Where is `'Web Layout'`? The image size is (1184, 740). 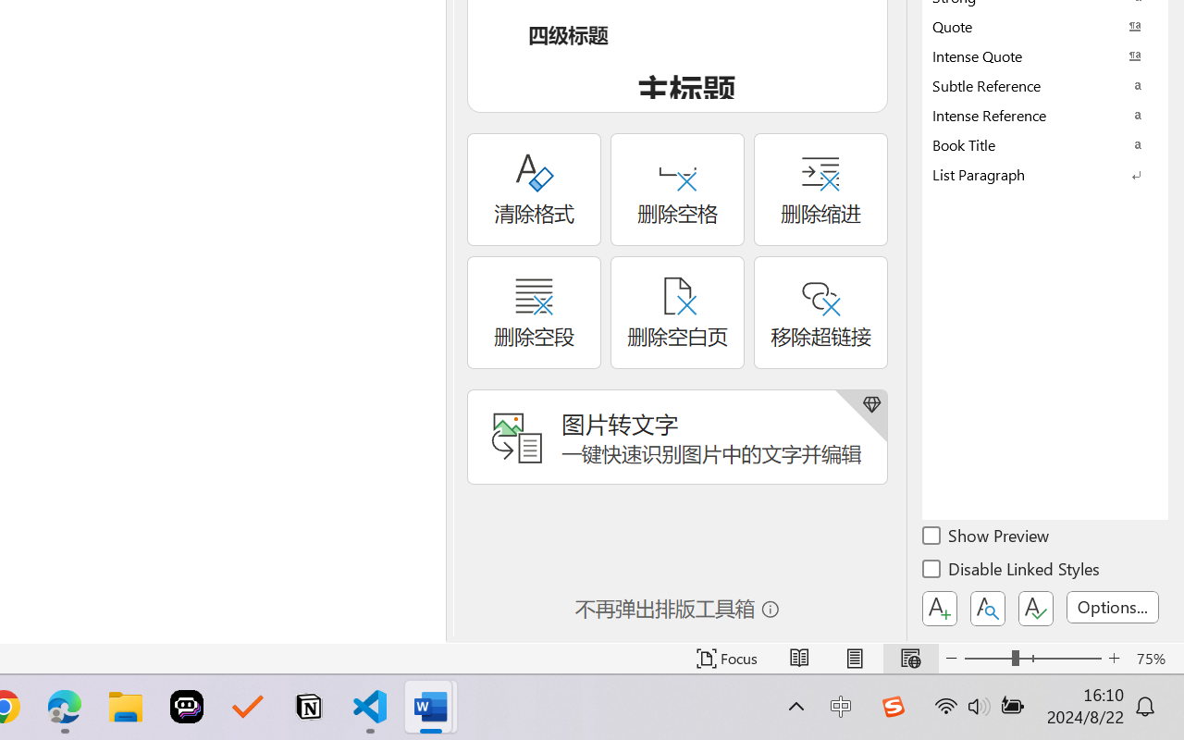
'Web Layout' is located at coordinates (910, 658).